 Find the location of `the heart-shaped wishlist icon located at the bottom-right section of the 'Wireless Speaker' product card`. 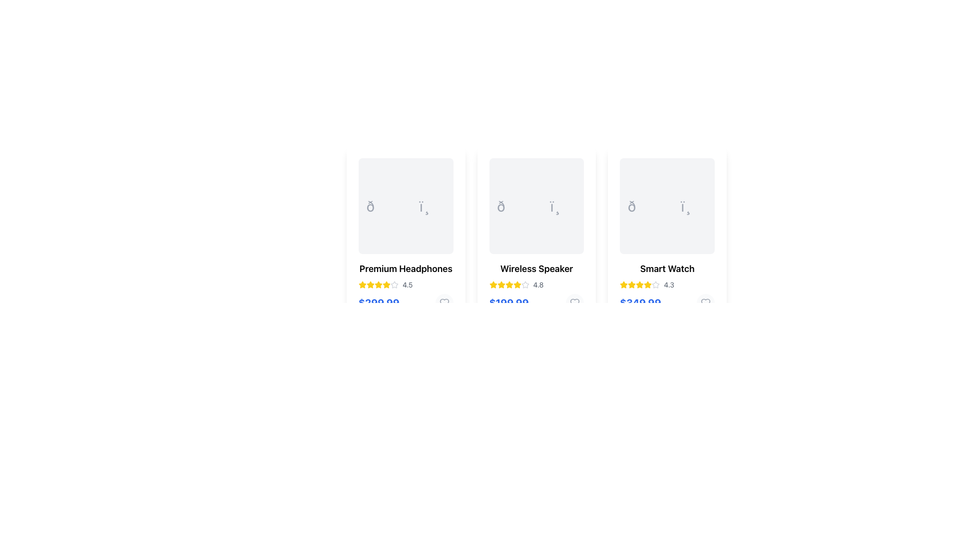

the heart-shaped wishlist icon located at the bottom-right section of the 'Wireless Speaker' product card is located at coordinates (575, 302).